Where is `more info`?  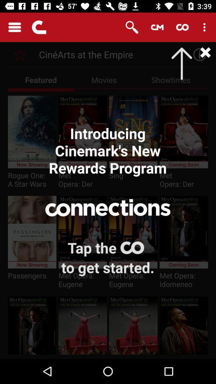
more info is located at coordinates (197, 54).